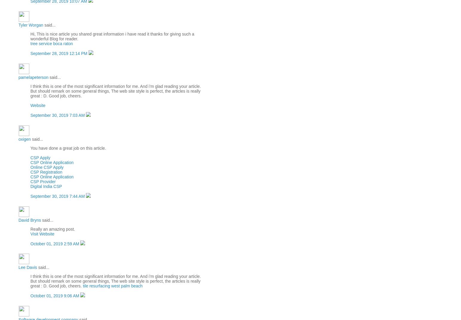 Image resolution: width=461 pixels, height=320 pixels. Describe the element at coordinates (47, 167) in the screenshot. I see `'Online CSP Apply'` at that location.